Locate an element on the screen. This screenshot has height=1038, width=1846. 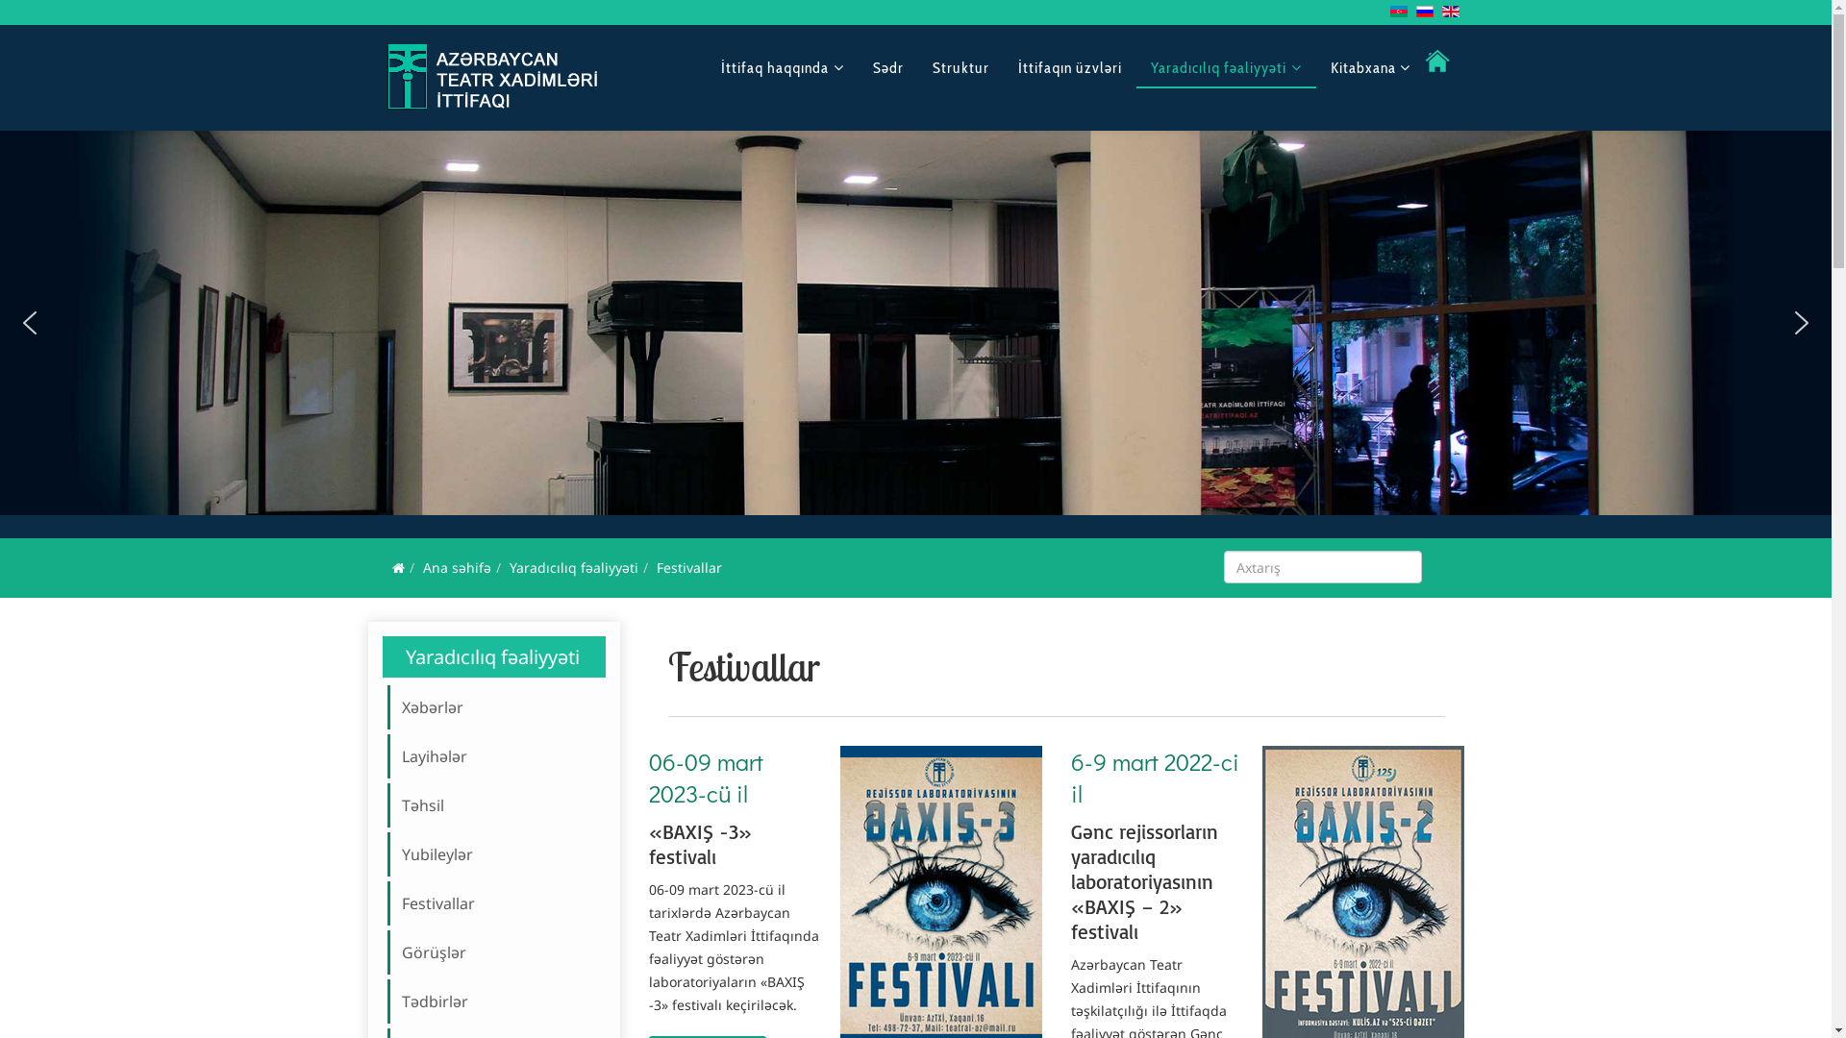
'English (United Kingdom)' is located at coordinates (1441, 11).